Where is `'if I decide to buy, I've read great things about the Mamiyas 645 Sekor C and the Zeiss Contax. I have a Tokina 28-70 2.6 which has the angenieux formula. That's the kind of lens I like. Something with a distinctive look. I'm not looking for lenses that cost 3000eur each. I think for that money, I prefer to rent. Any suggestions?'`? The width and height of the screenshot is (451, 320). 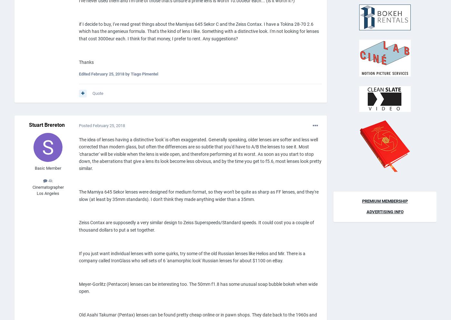
'if I decide to buy, I've read great things about the Mamiyas 645 Sekor C and the Zeiss Contax. I have a Tokina 28-70 2.6 which has the angenieux formula. That's the kind of lens I like. Something with a distinctive look. I'm not looking for lenses that cost 3000eur each. I think for that money, I prefer to rent. Any suggestions?' is located at coordinates (79, 31).